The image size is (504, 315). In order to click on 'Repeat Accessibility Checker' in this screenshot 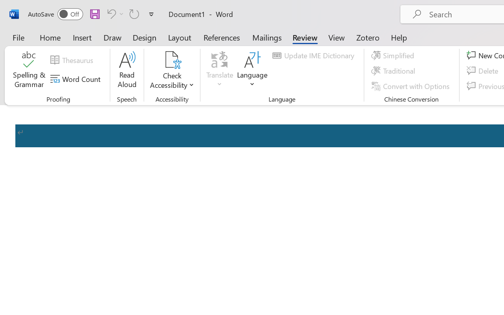, I will do `click(134, 13)`.